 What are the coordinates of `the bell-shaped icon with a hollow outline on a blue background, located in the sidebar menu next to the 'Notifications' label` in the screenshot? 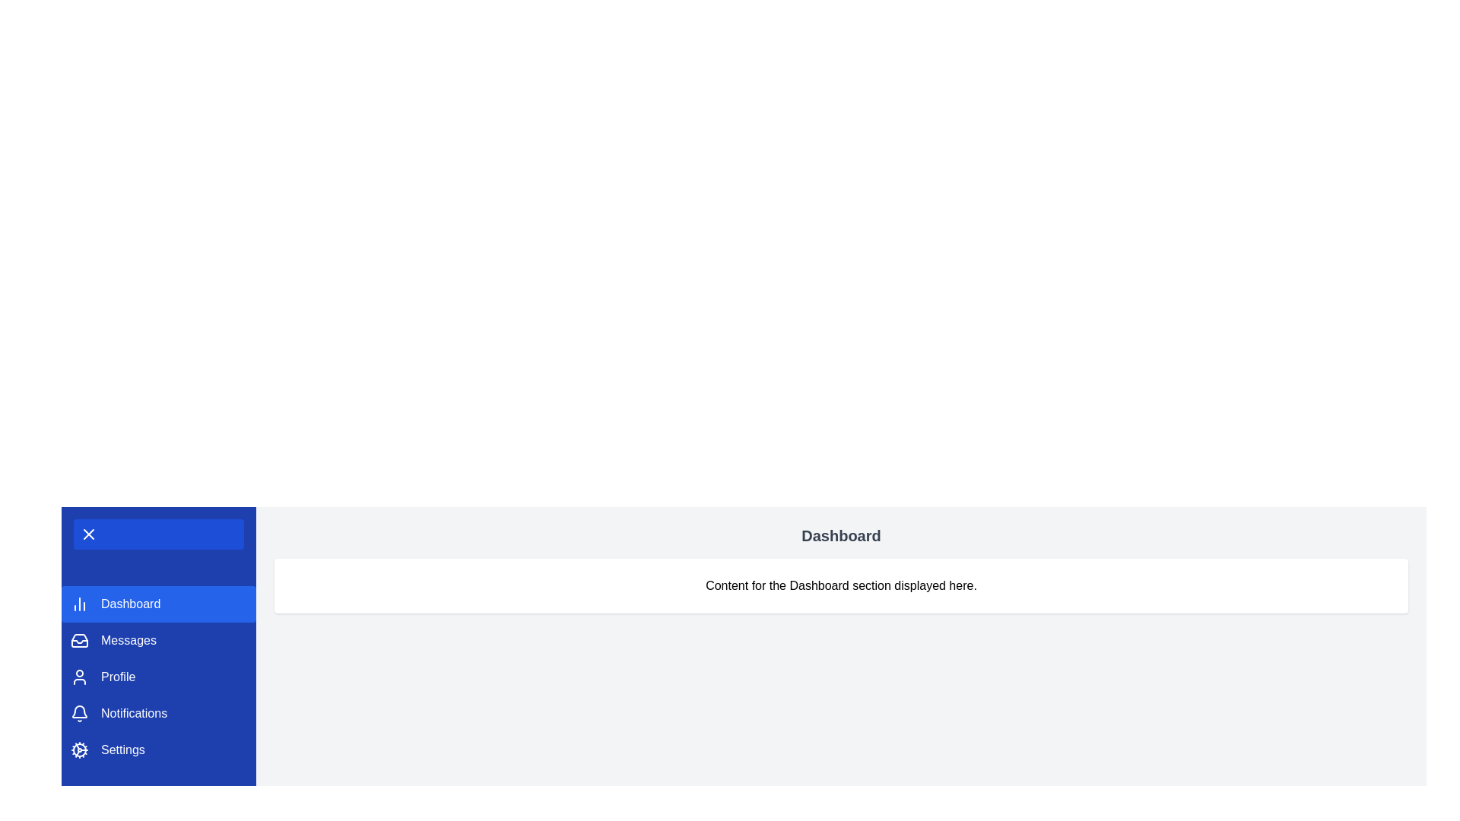 It's located at (79, 713).